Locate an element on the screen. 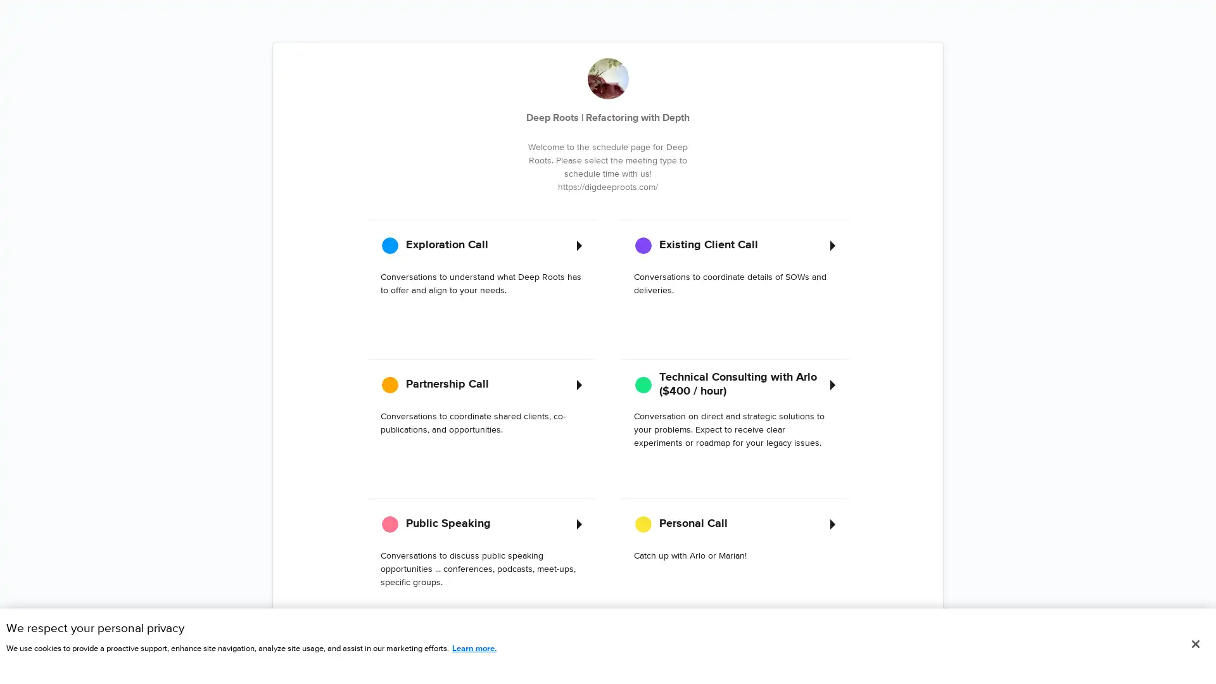 Image resolution: width=1216 pixels, height=684 pixels. Cookie settings is located at coordinates (322, 621).